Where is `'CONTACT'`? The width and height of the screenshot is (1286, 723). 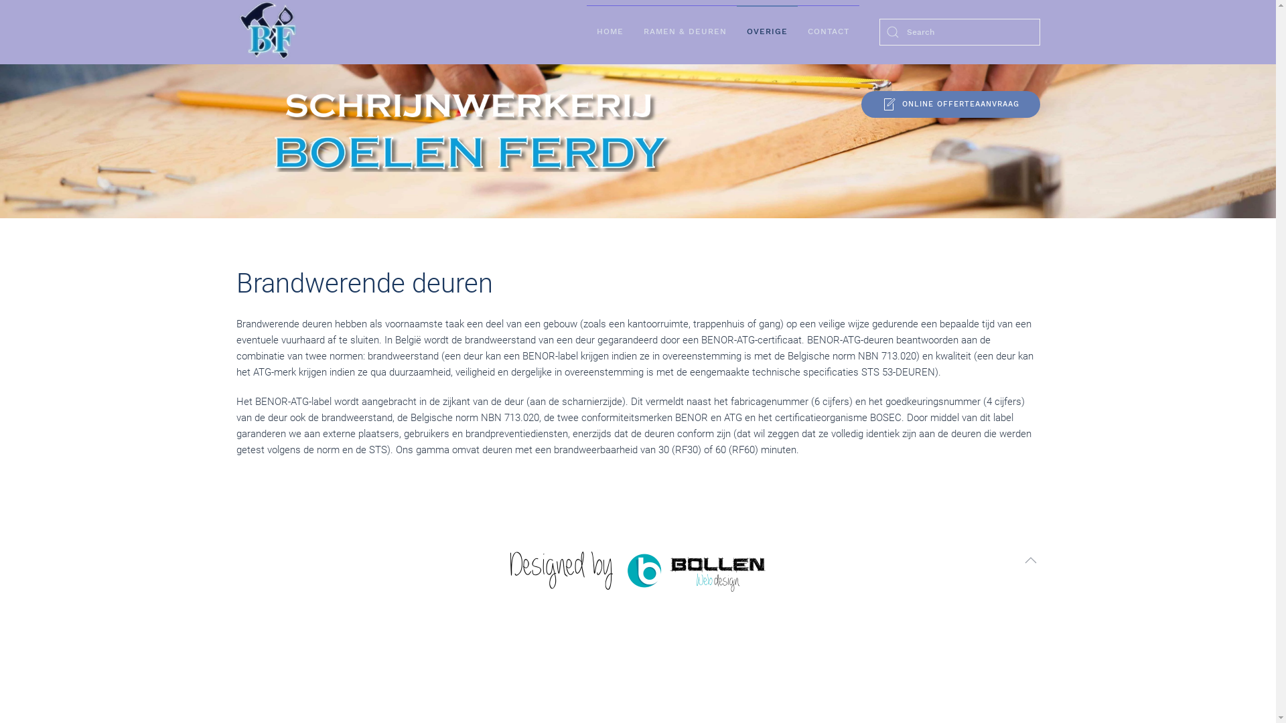 'CONTACT' is located at coordinates (827, 31).